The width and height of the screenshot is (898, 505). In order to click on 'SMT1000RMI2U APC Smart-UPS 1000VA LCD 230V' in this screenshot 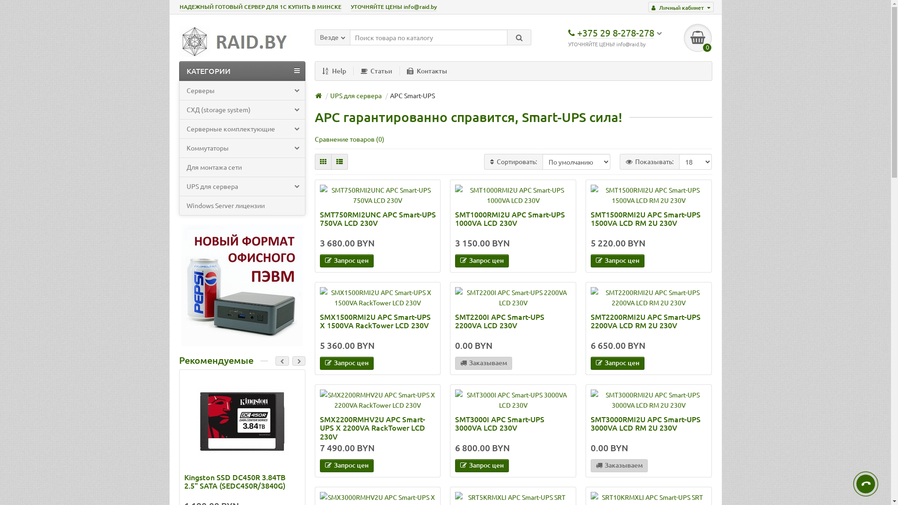, I will do `click(513, 223)`.